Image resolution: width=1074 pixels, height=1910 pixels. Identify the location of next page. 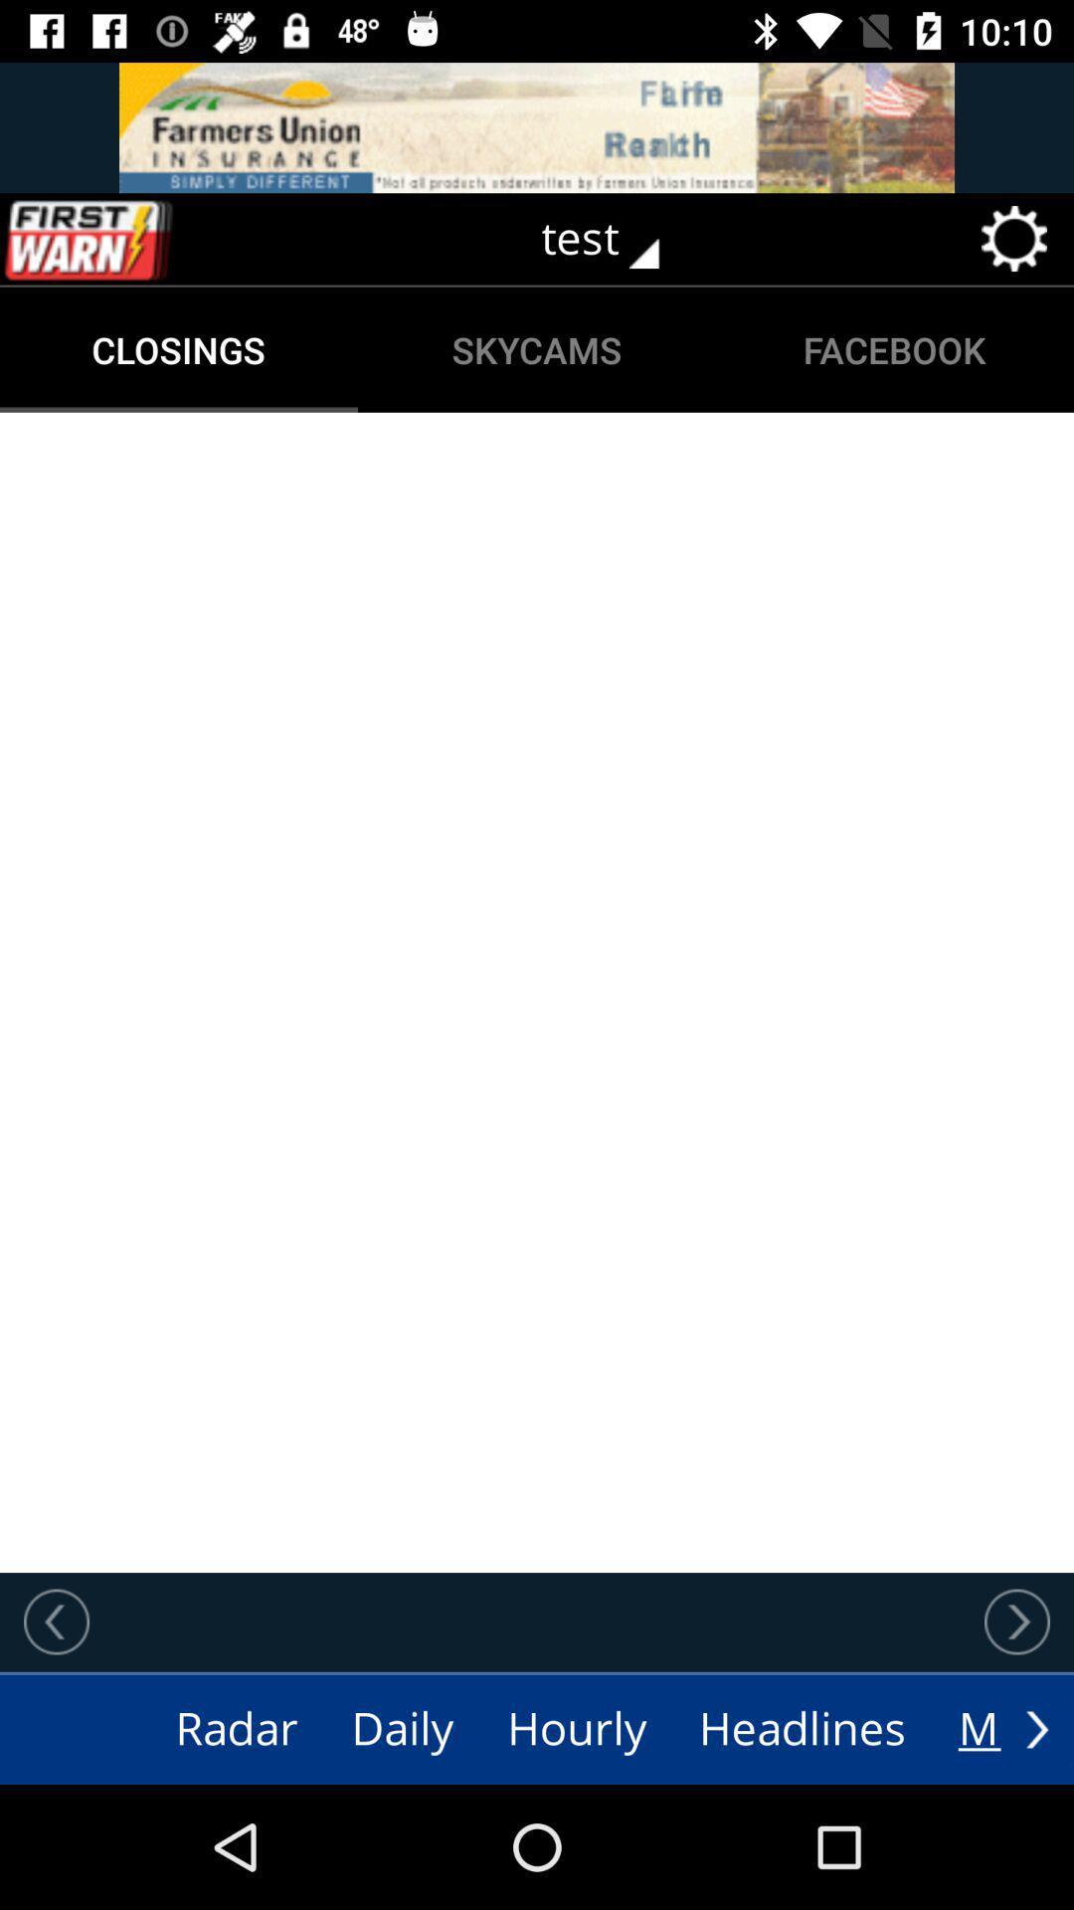
(1016, 1622).